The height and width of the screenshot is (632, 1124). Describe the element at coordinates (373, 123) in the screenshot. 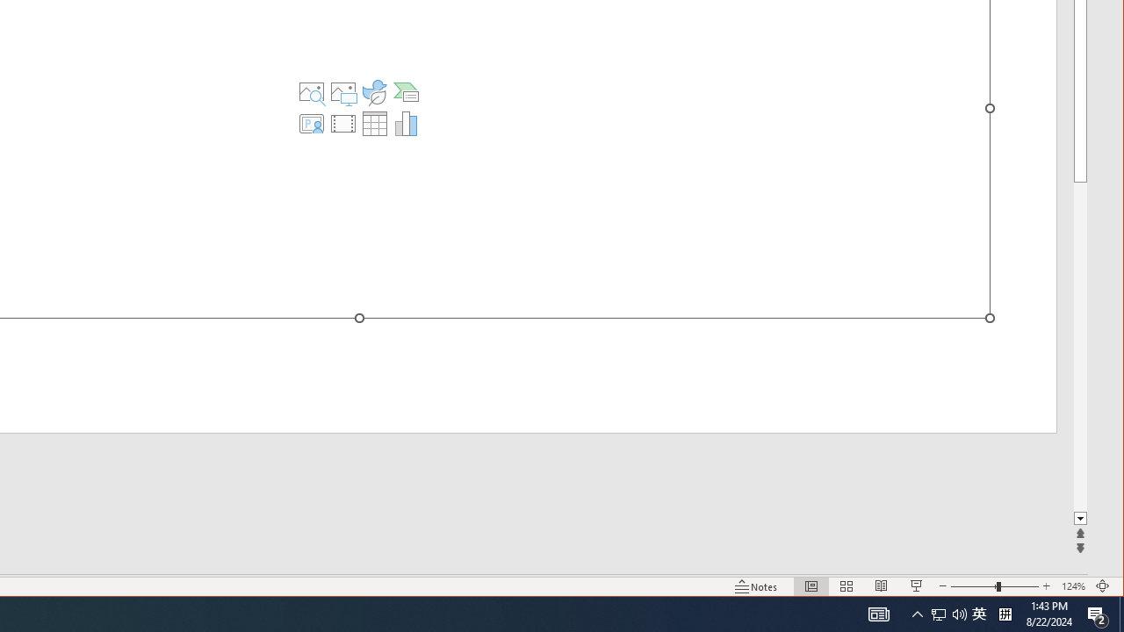

I see `'Insert Table'` at that location.